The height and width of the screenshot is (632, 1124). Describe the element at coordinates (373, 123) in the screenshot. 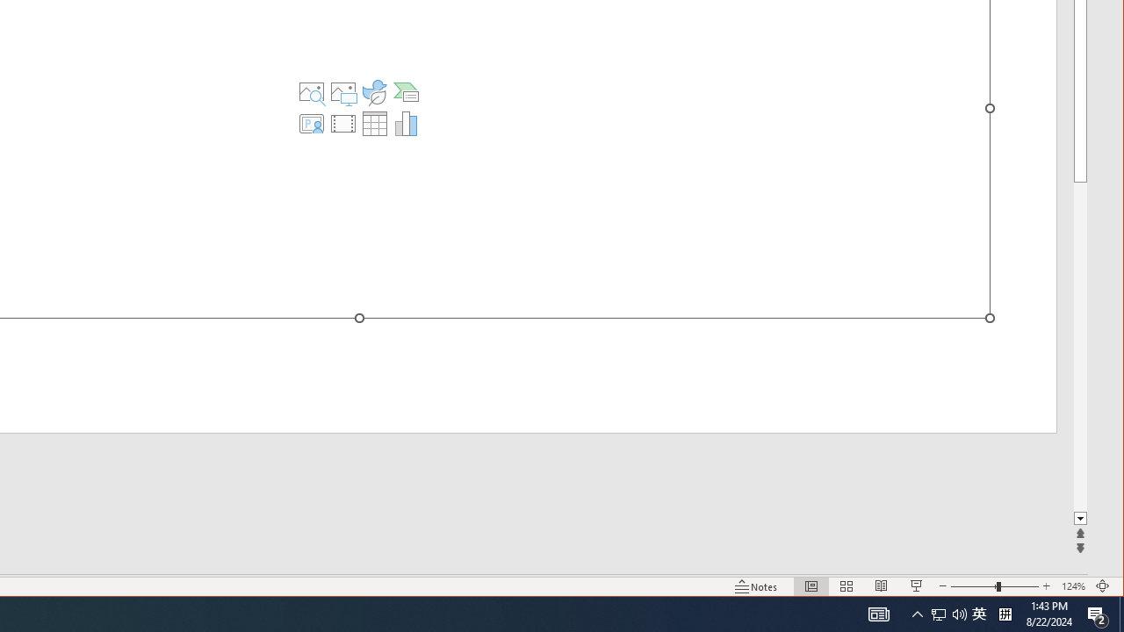

I see `'Insert Table'` at that location.